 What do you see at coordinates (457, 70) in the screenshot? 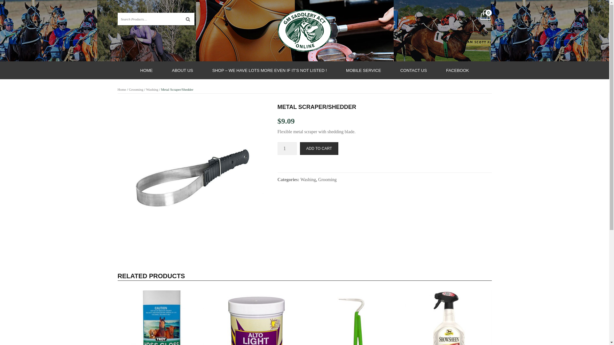
I see `'FACEBOOK'` at bounding box center [457, 70].